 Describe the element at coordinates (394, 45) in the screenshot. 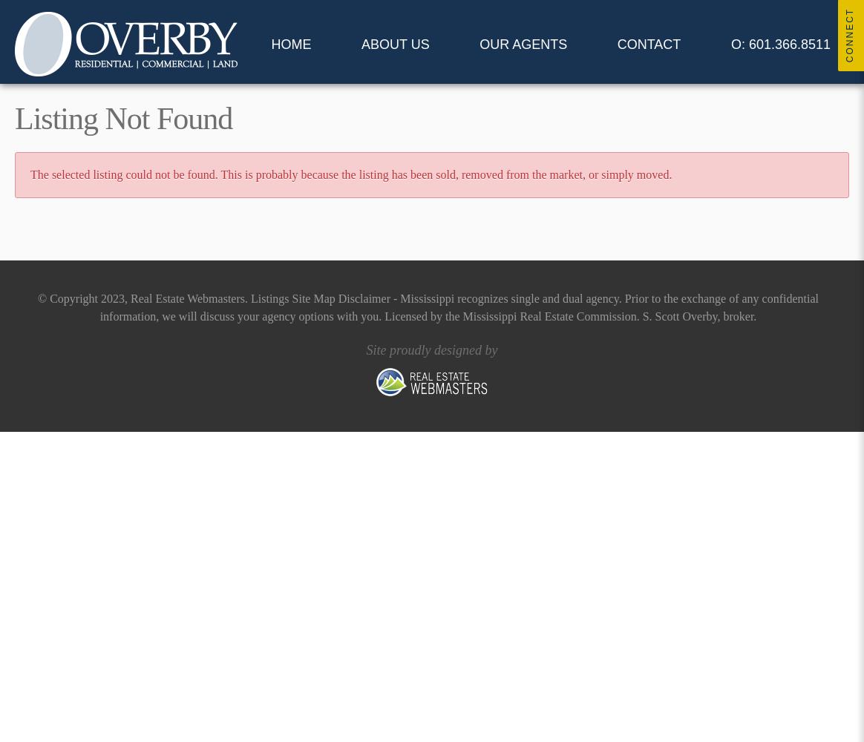

I see `'About Us'` at that location.